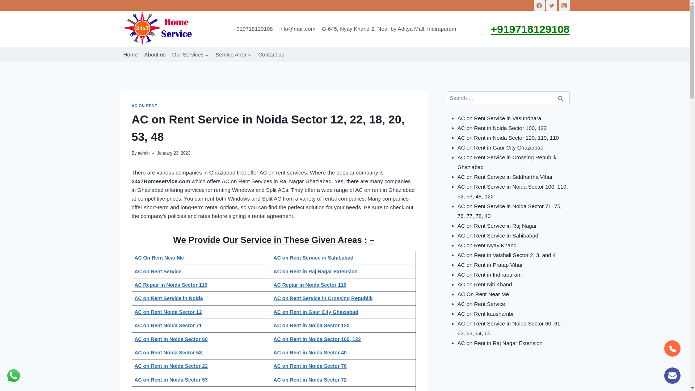 Image resolution: width=695 pixels, height=391 pixels. I want to click on 'AC on Rent in Noida Sector 22', so click(135, 366).